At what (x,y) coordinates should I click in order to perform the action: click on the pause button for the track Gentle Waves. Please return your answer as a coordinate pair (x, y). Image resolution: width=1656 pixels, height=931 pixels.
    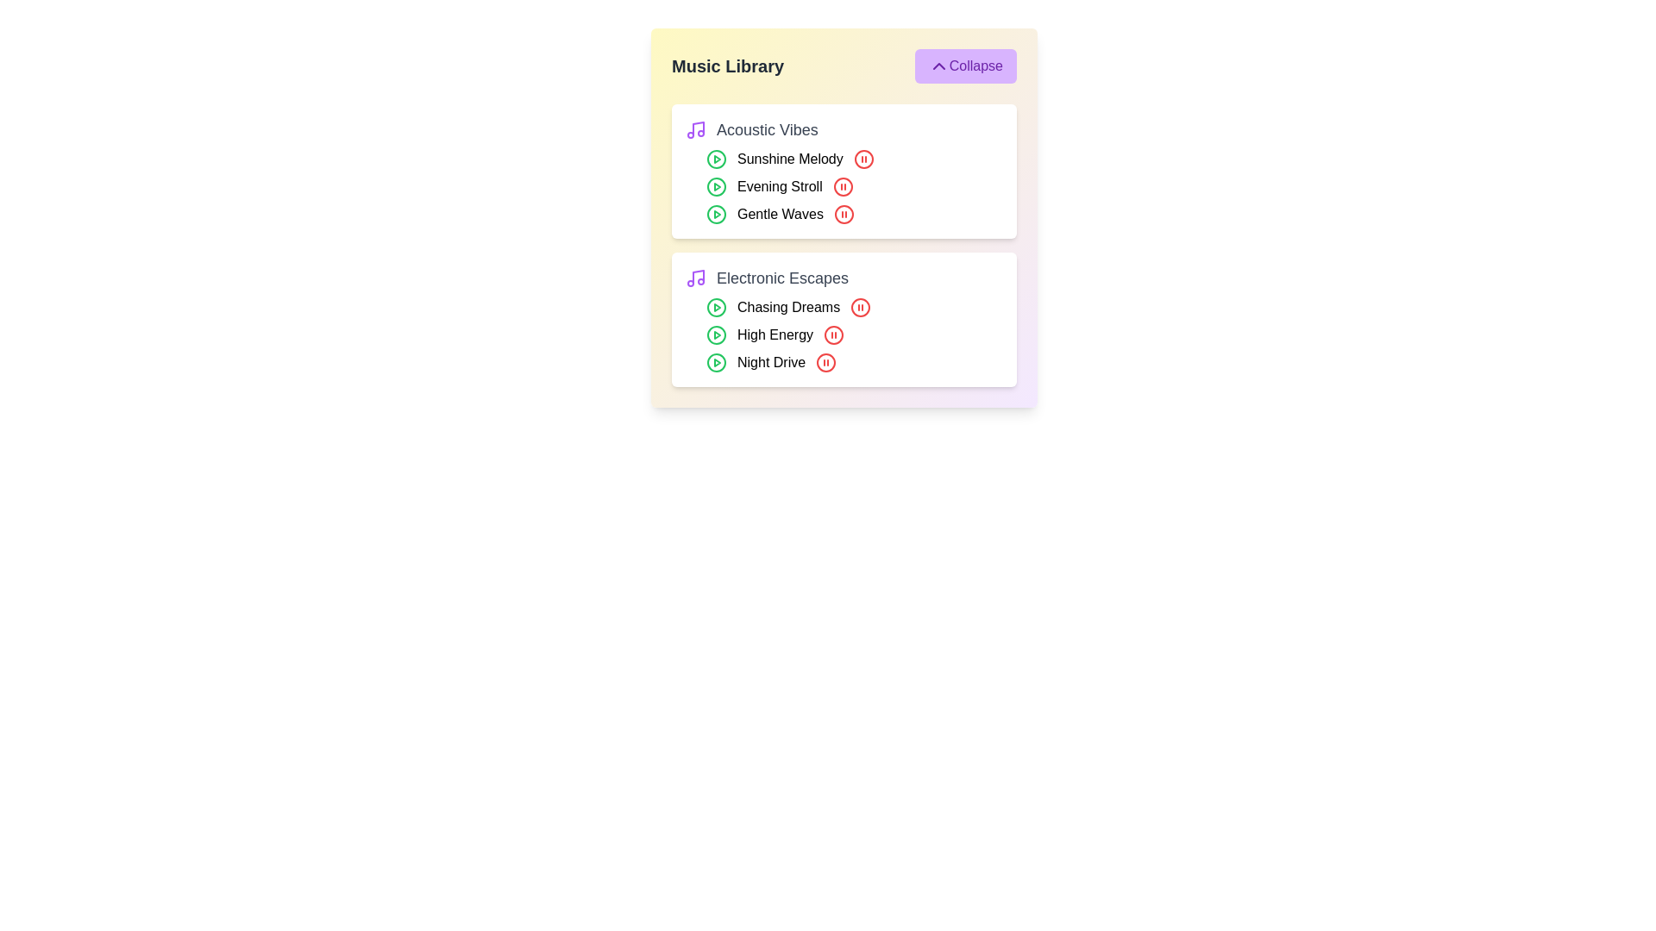
    Looking at the image, I should click on (844, 214).